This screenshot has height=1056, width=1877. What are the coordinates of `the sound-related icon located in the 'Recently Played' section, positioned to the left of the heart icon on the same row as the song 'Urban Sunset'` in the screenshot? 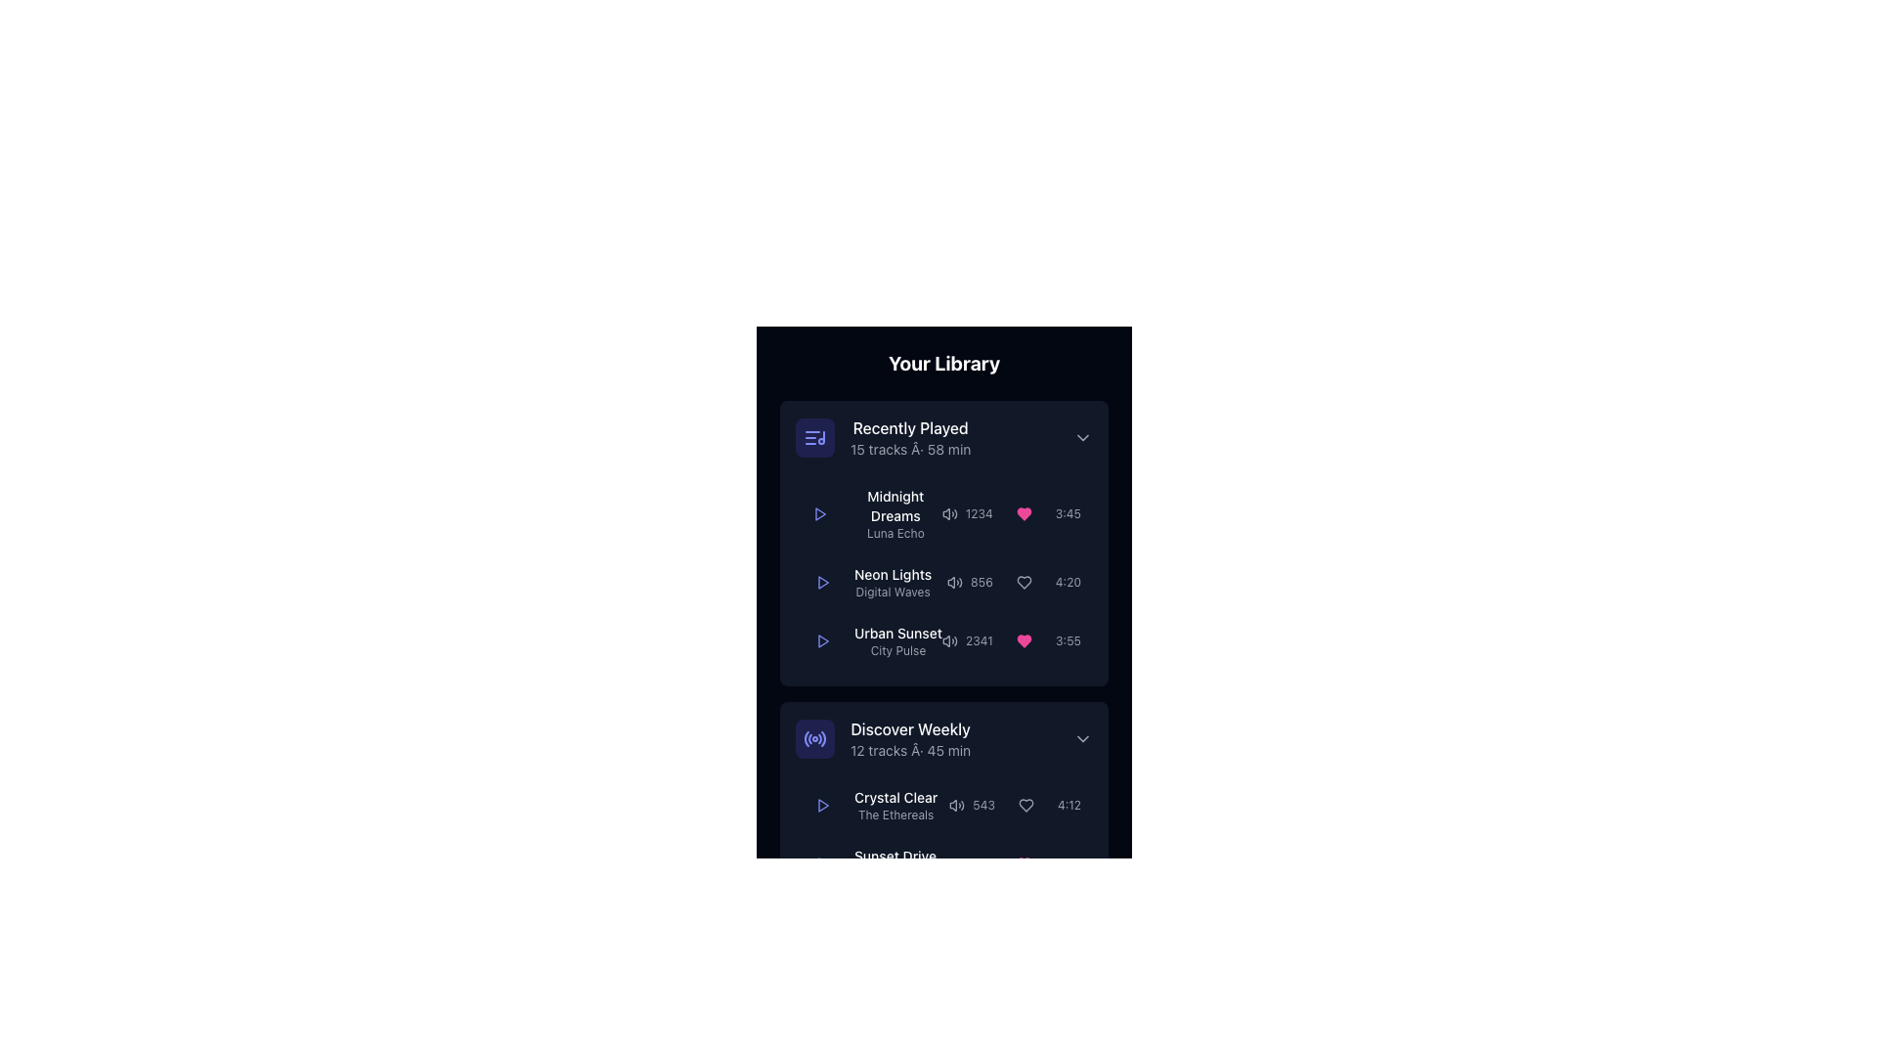 It's located at (946, 640).